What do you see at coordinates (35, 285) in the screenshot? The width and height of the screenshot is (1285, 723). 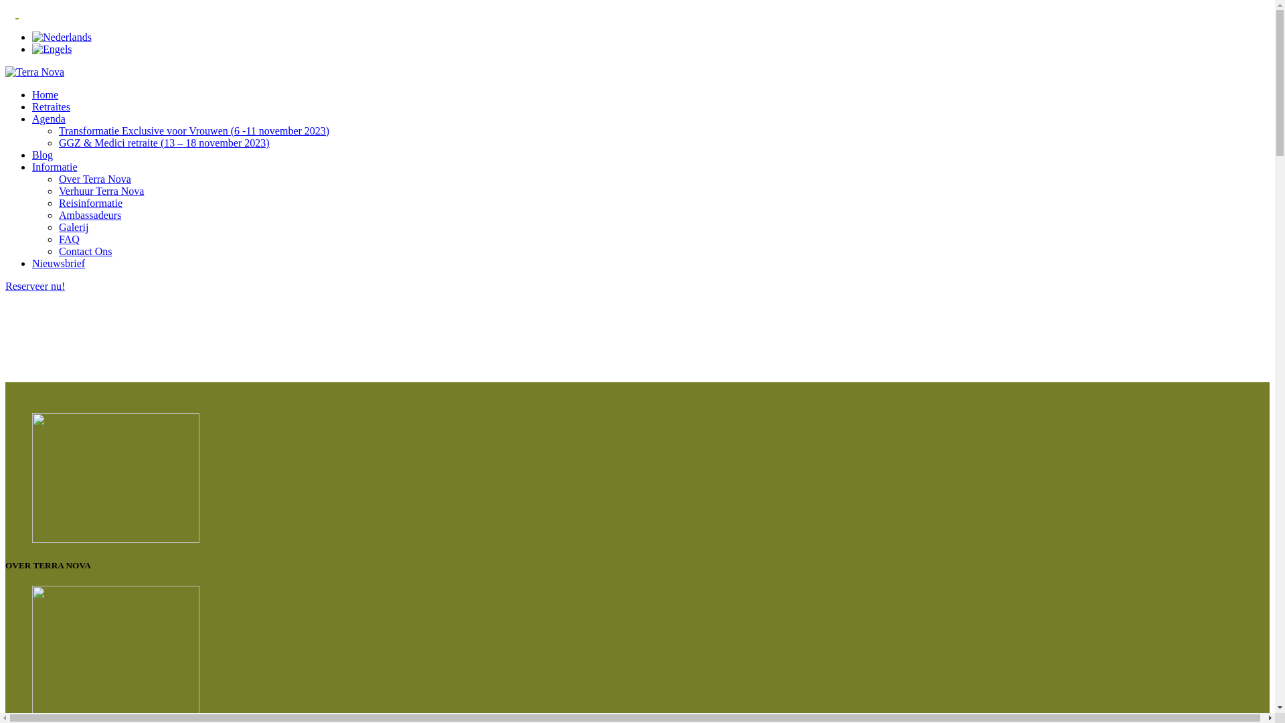 I see `'Reserveer nu!'` at bounding box center [35, 285].